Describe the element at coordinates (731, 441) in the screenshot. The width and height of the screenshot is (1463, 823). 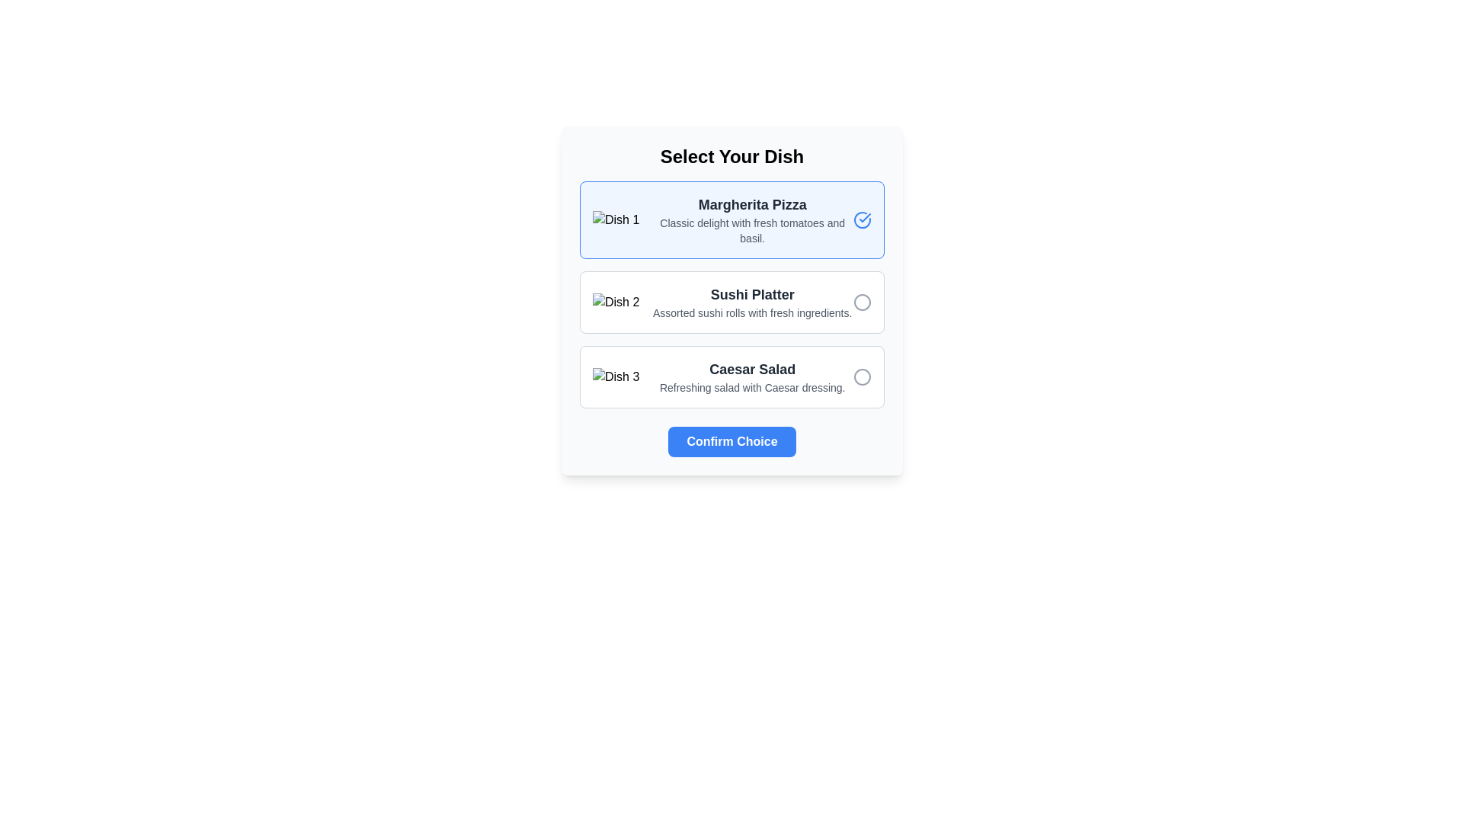
I see `keyboard navigation` at that location.